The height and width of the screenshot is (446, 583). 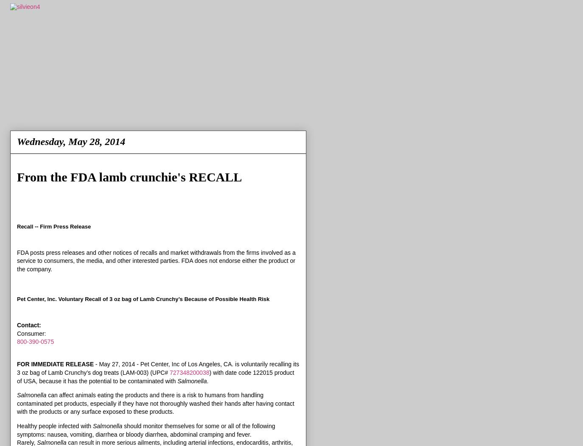 What do you see at coordinates (206, 380) in the screenshot?
I see `'.'` at bounding box center [206, 380].